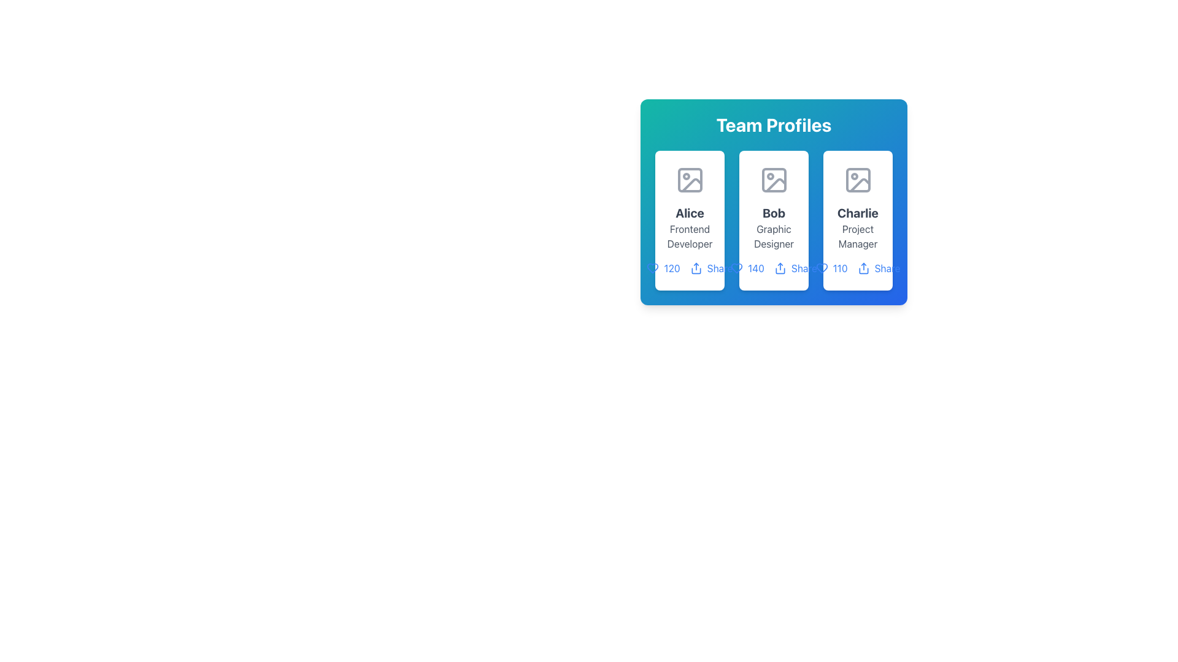 The height and width of the screenshot is (662, 1178). I want to click on the share icon located at the bottom of Alice's profile card, which is part of the interactive control set for sharing options, so click(690, 268).